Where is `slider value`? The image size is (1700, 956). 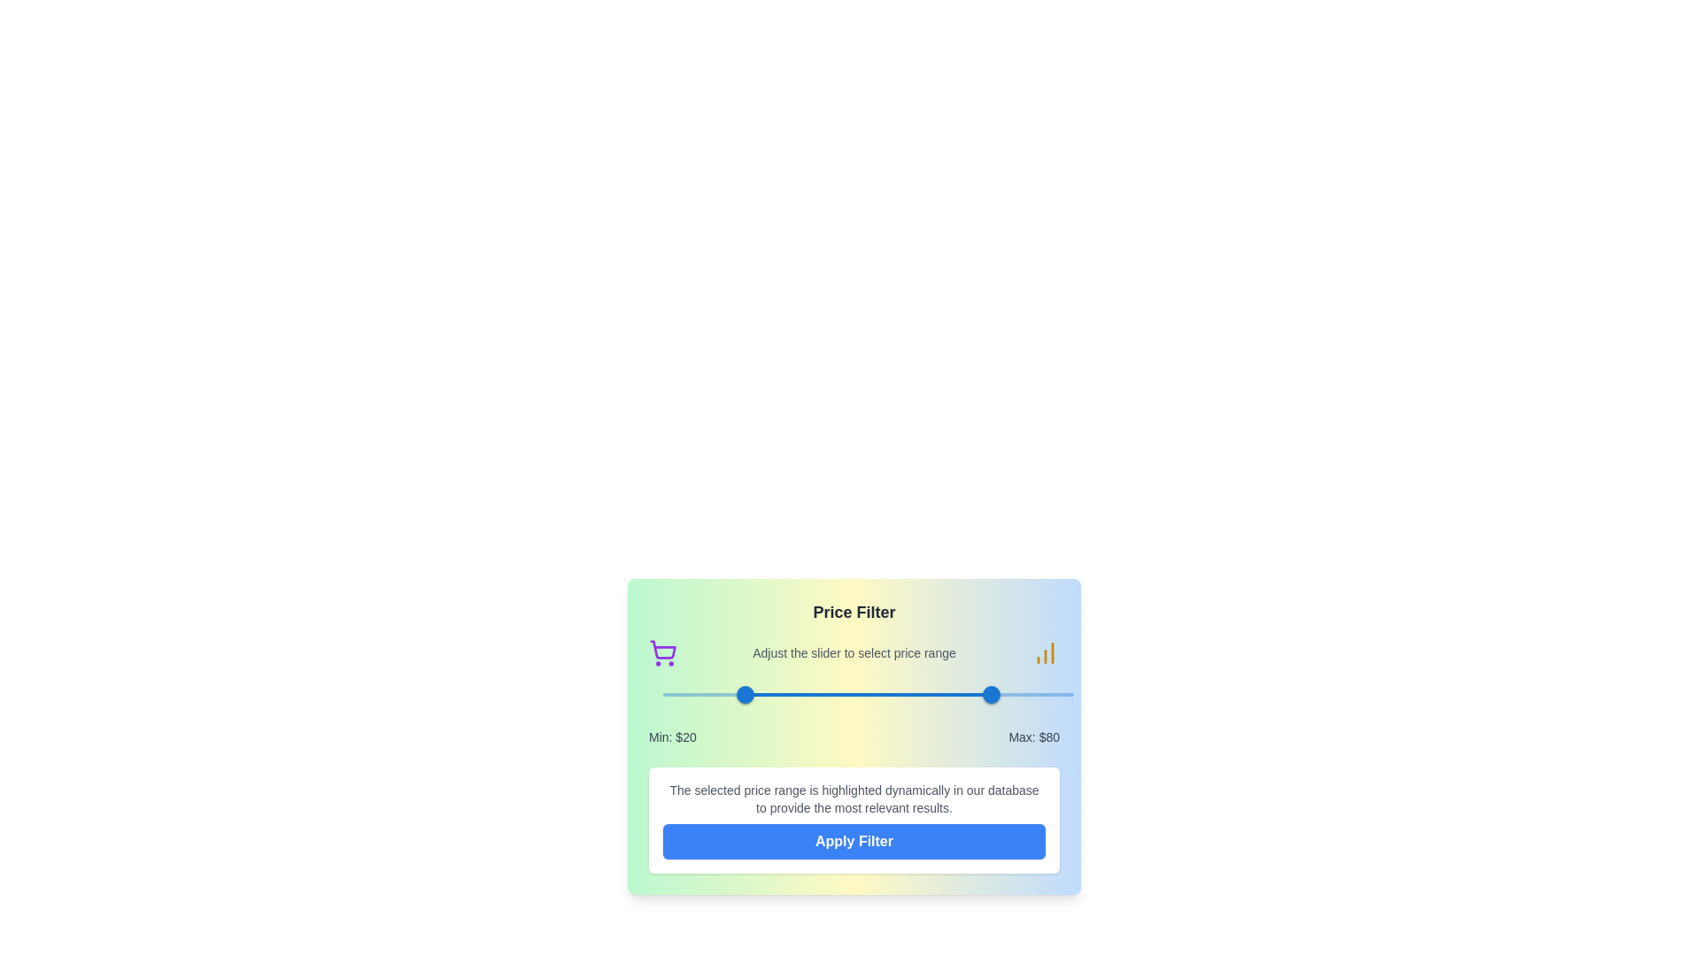 slider value is located at coordinates (987, 694).